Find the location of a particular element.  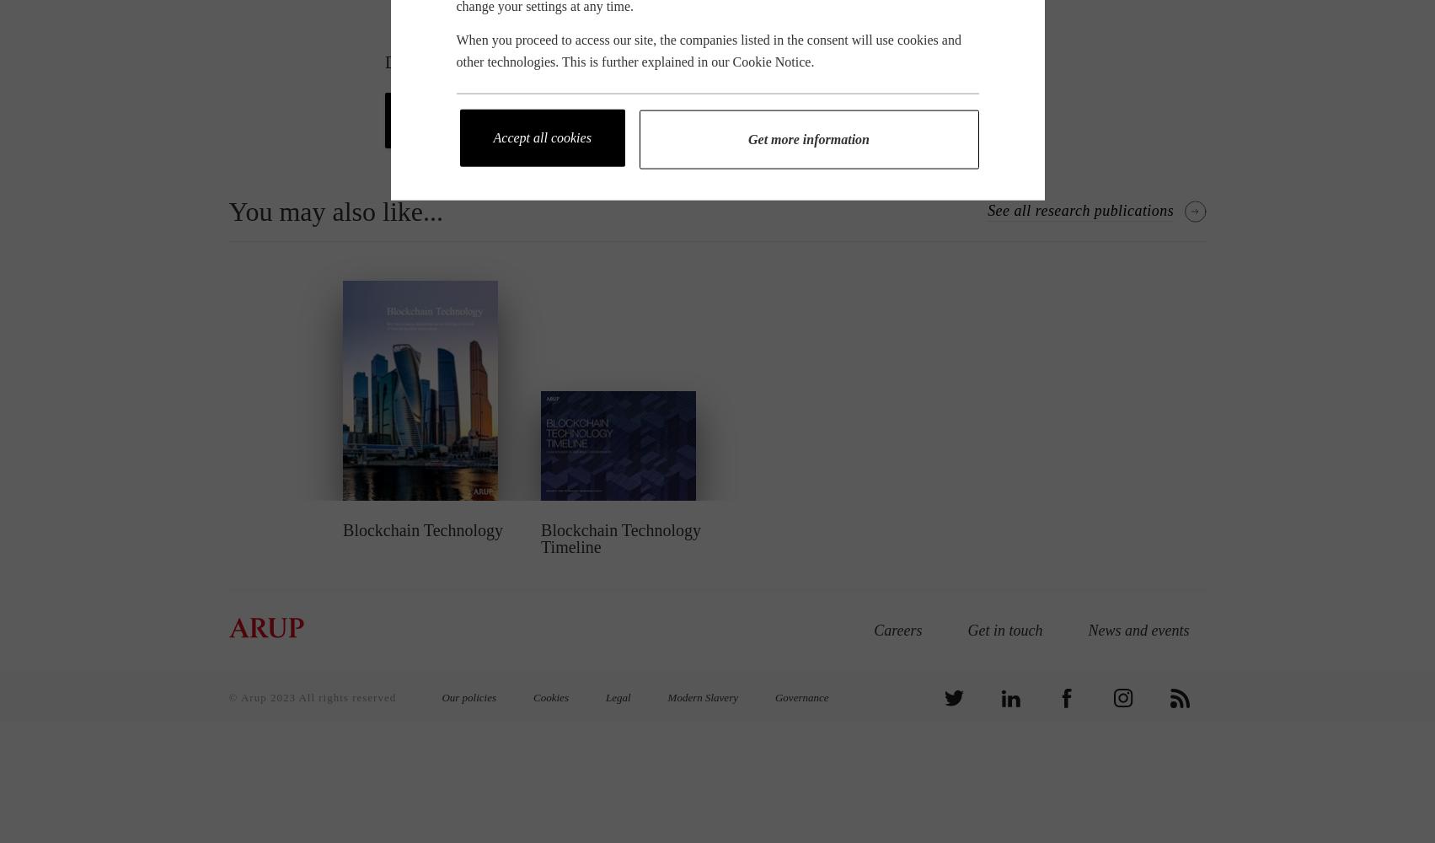

'Careers' is located at coordinates (897, 630).